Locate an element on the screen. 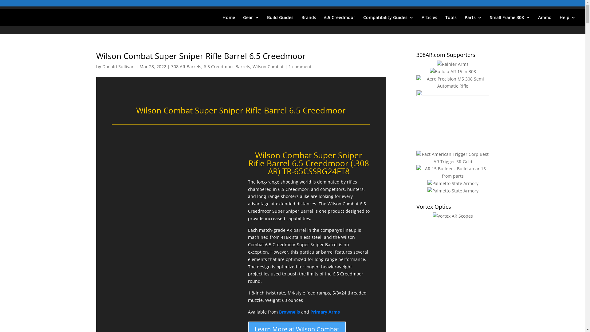 The image size is (590, 332). '1 comment' is located at coordinates (300, 66).